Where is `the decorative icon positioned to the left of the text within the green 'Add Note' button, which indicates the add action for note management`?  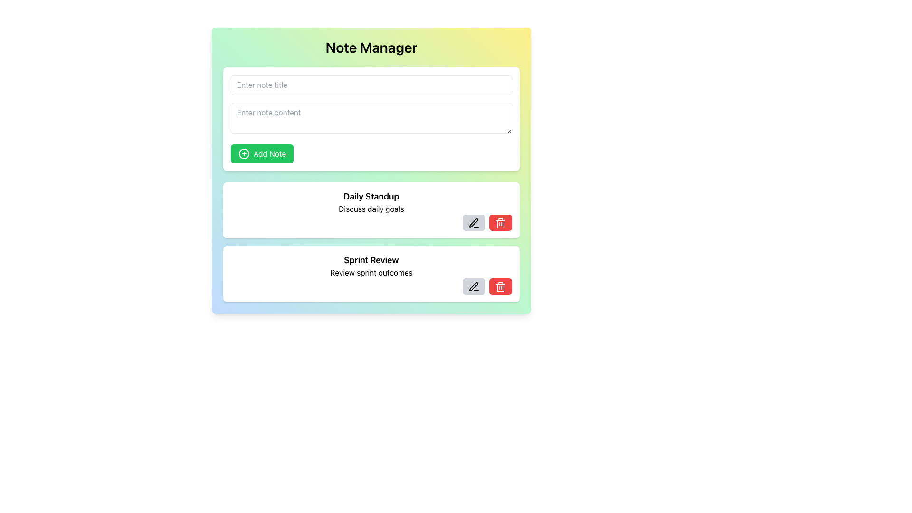 the decorative icon positioned to the left of the text within the green 'Add Note' button, which indicates the add action for note management is located at coordinates (244, 153).